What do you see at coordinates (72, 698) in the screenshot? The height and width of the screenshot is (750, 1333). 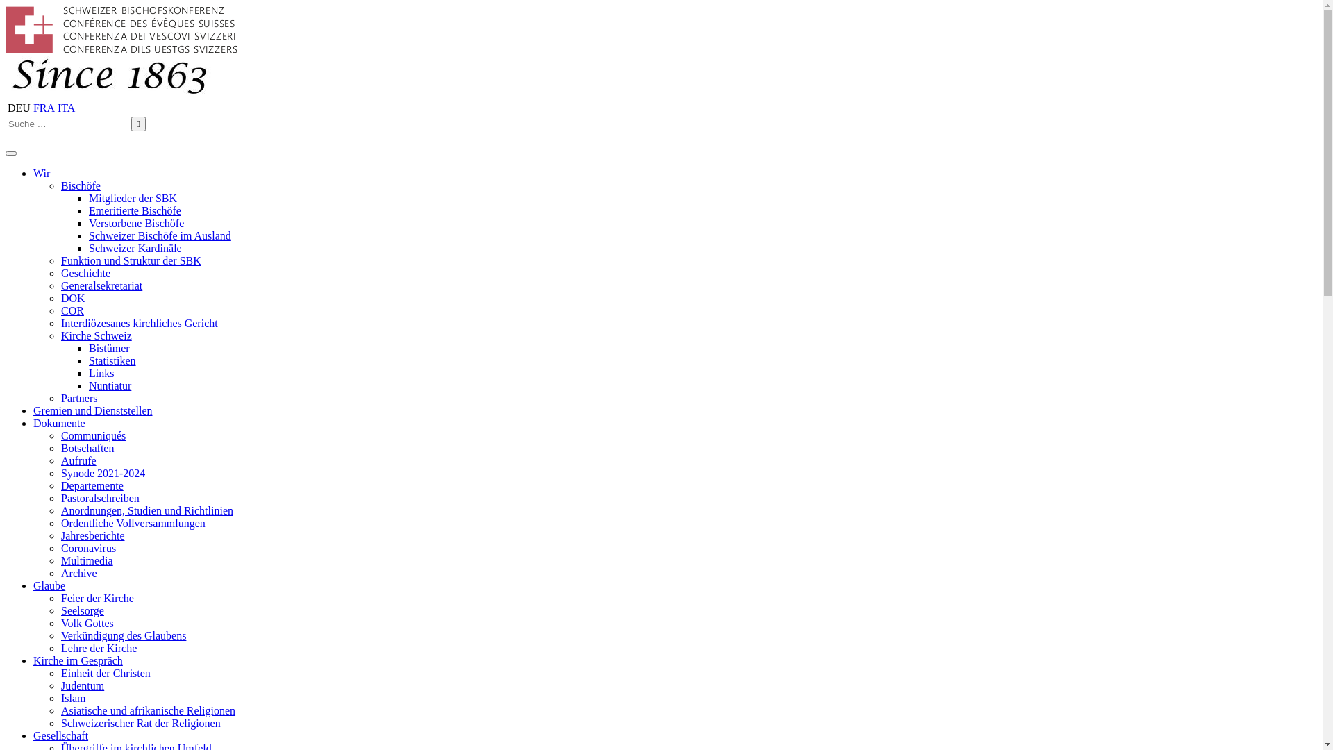 I see `'Islam'` at bounding box center [72, 698].